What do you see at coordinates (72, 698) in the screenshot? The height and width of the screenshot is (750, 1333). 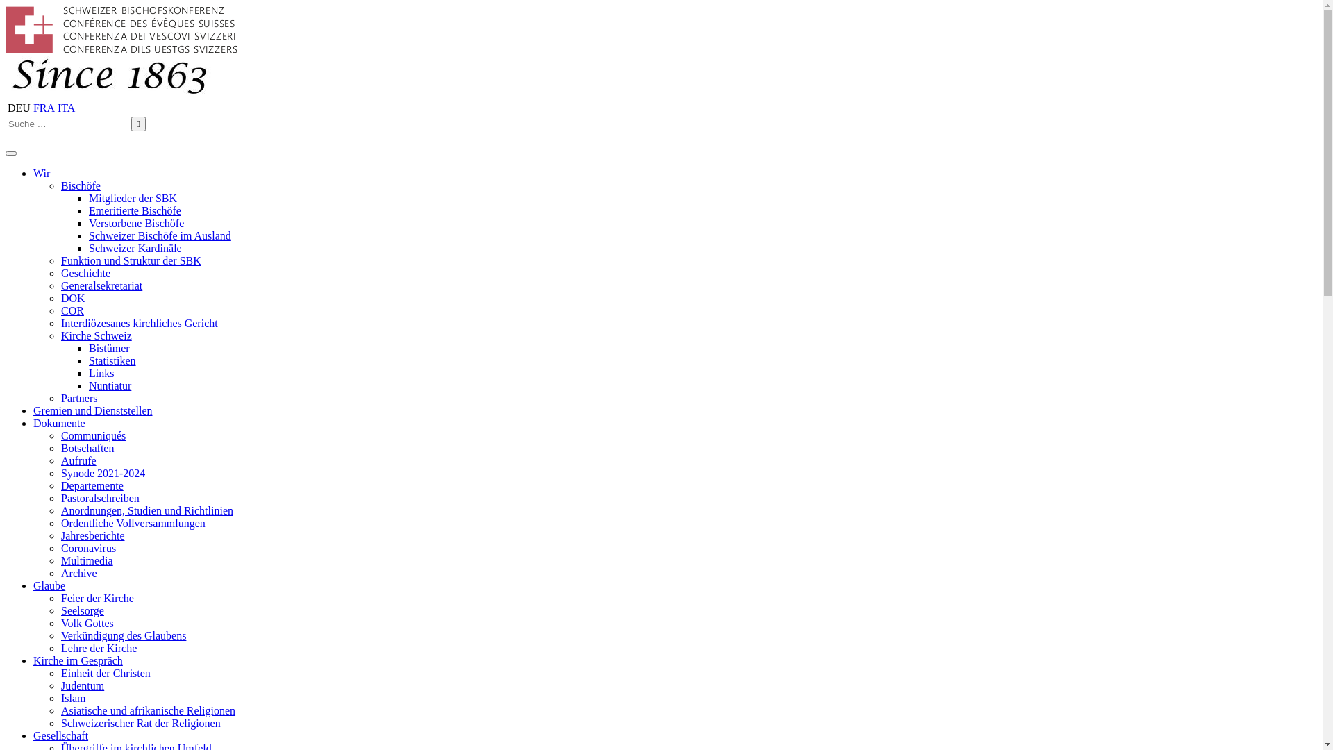 I see `'Islam'` at bounding box center [72, 698].